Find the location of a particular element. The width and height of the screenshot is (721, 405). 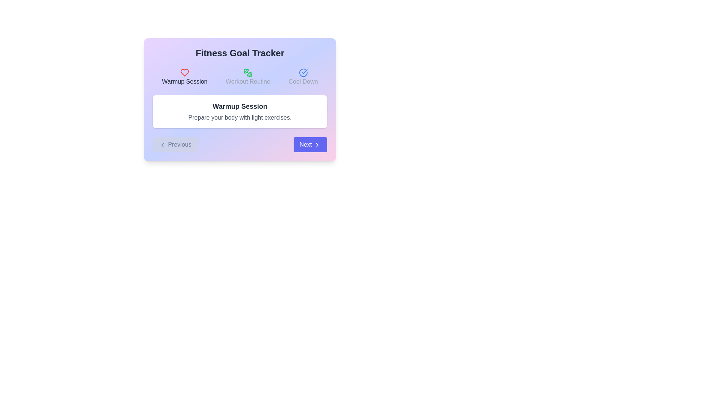

the rounded rectangular 'Next' button with bold white text and a right-pointing chevron icon to observe the color change is located at coordinates (310, 144).